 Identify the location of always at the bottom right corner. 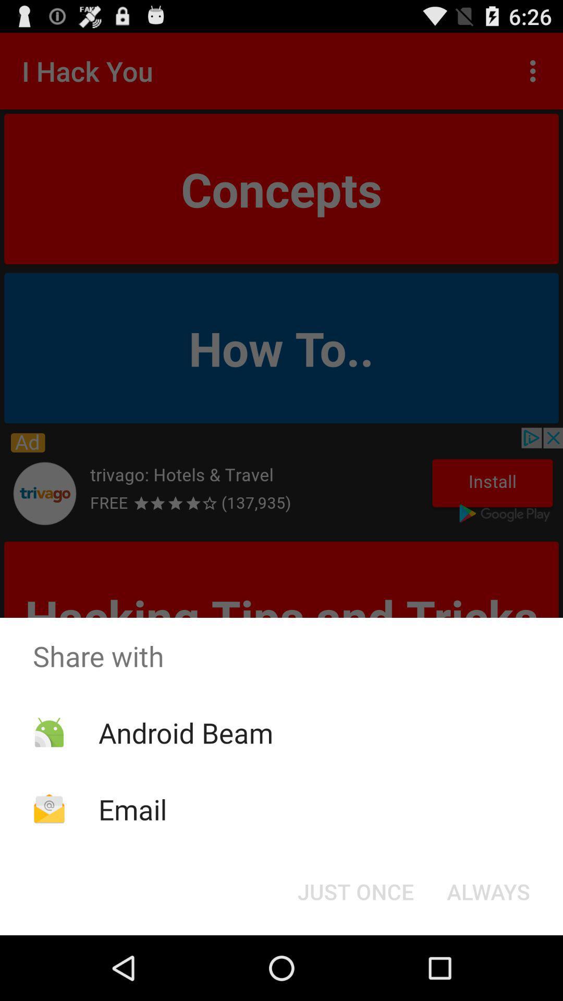
(488, 890).